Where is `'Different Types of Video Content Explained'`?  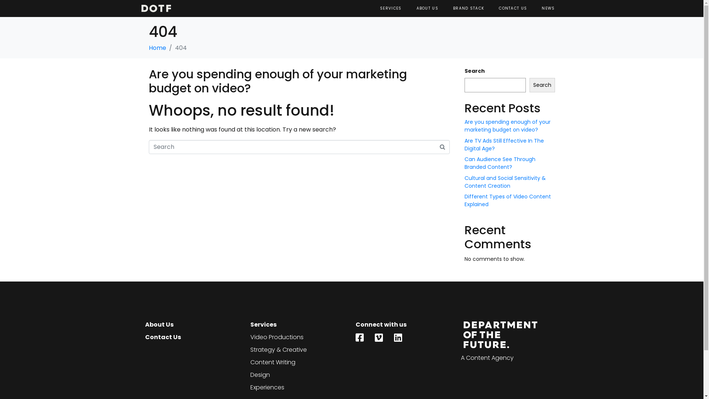
'Different Types of Video Content Explained' is located at coordinates (464, 200).